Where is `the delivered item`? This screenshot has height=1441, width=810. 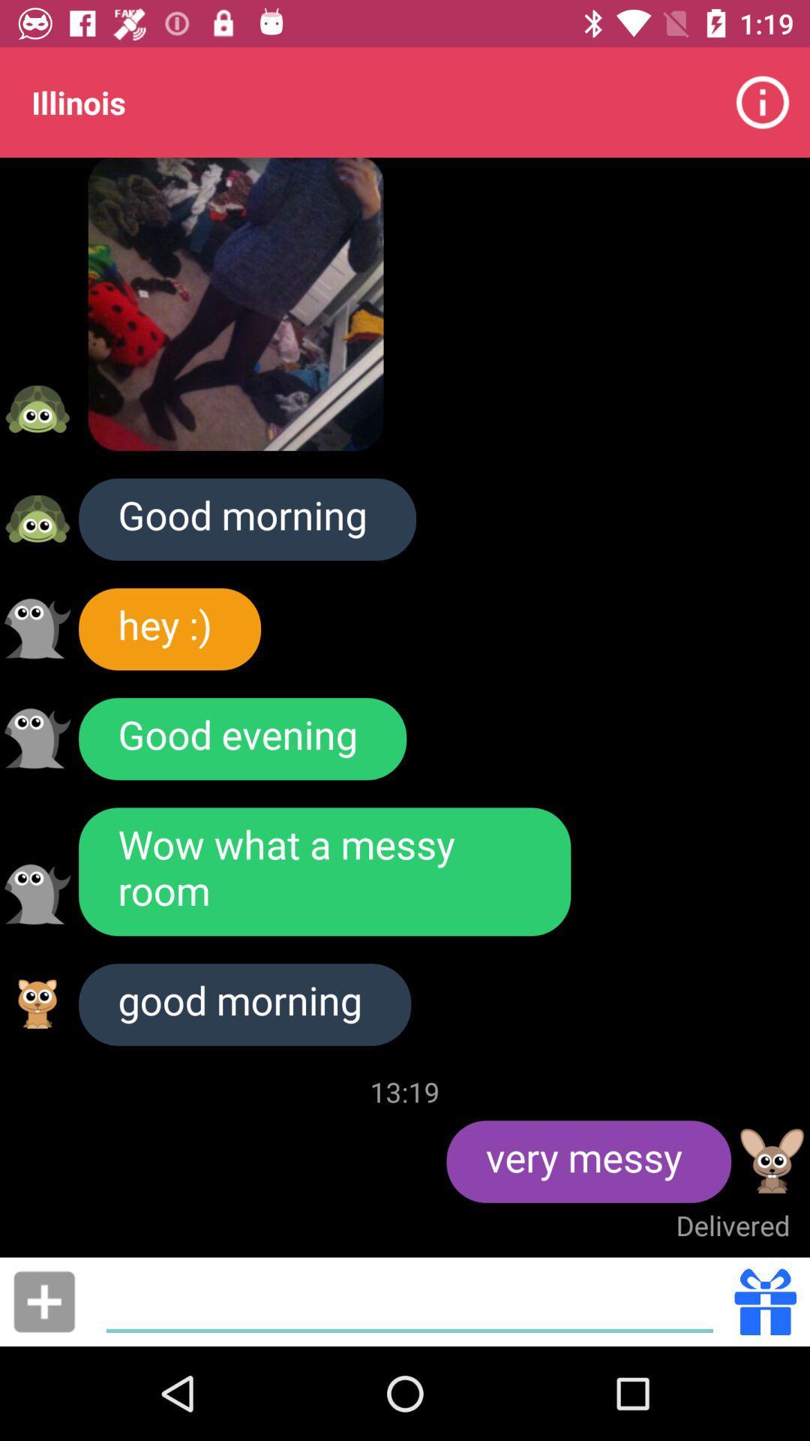
the delivered item is located at coordinates (732, 1225).